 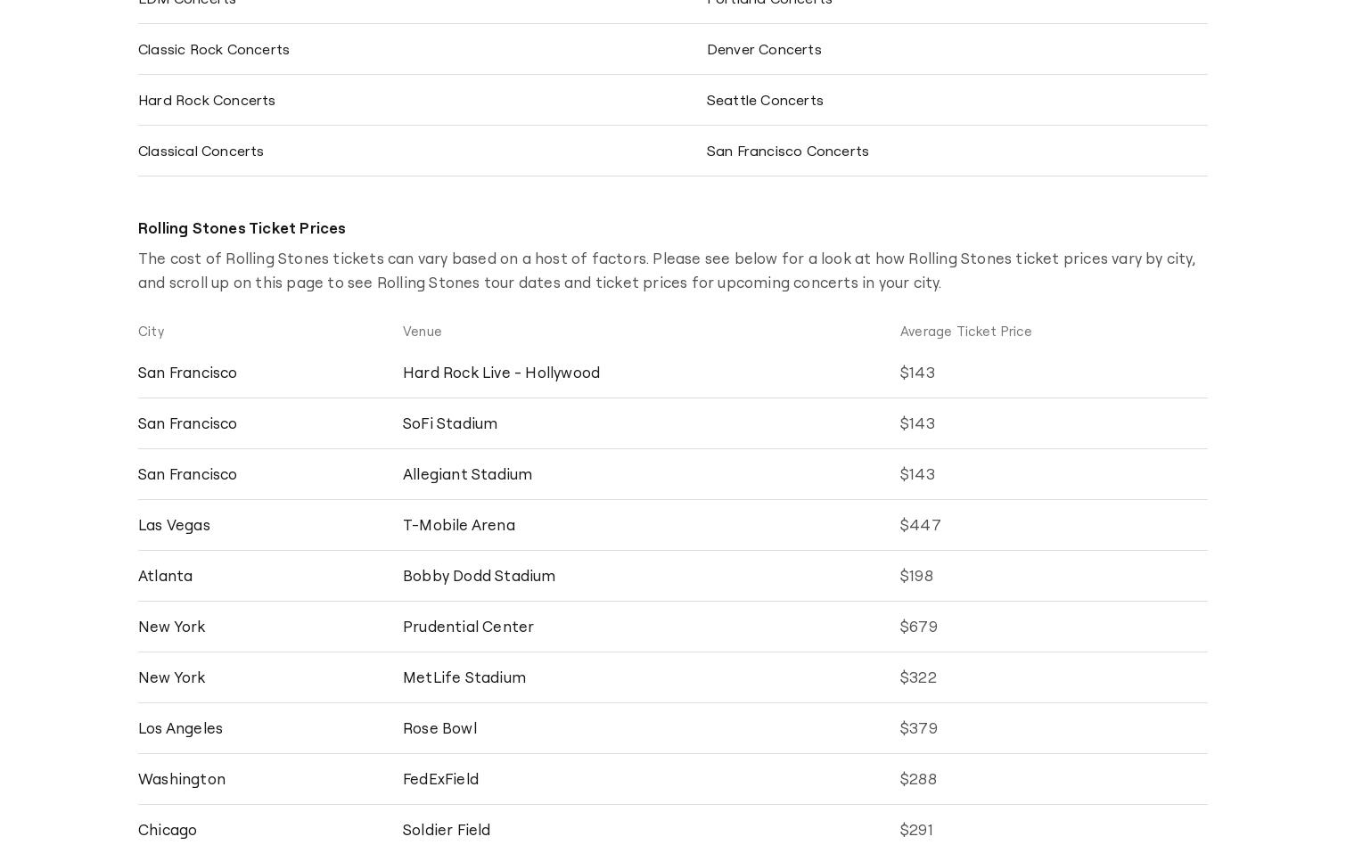 What do you see at coordinates (182, 778) in the screenshot?
I see `'Washington'` at bounding box center [182, 778].